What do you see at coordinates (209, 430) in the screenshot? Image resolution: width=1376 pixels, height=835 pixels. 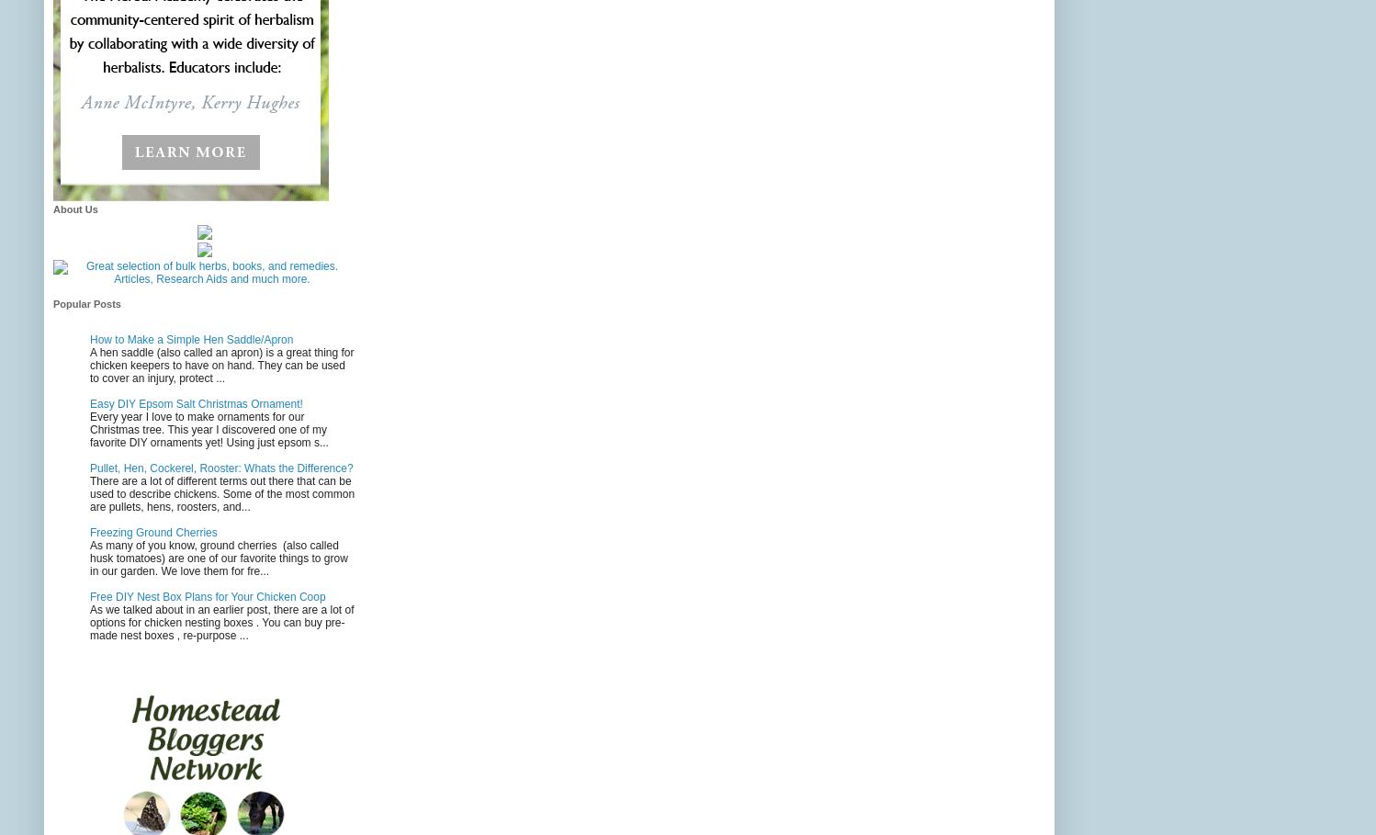 I see `'Every year I love to make ornaments for our Christmas tree. This year I discovered one of my favorite DIY ornaments yet! Using just epsom s...'` at bounding box center [209, 430].